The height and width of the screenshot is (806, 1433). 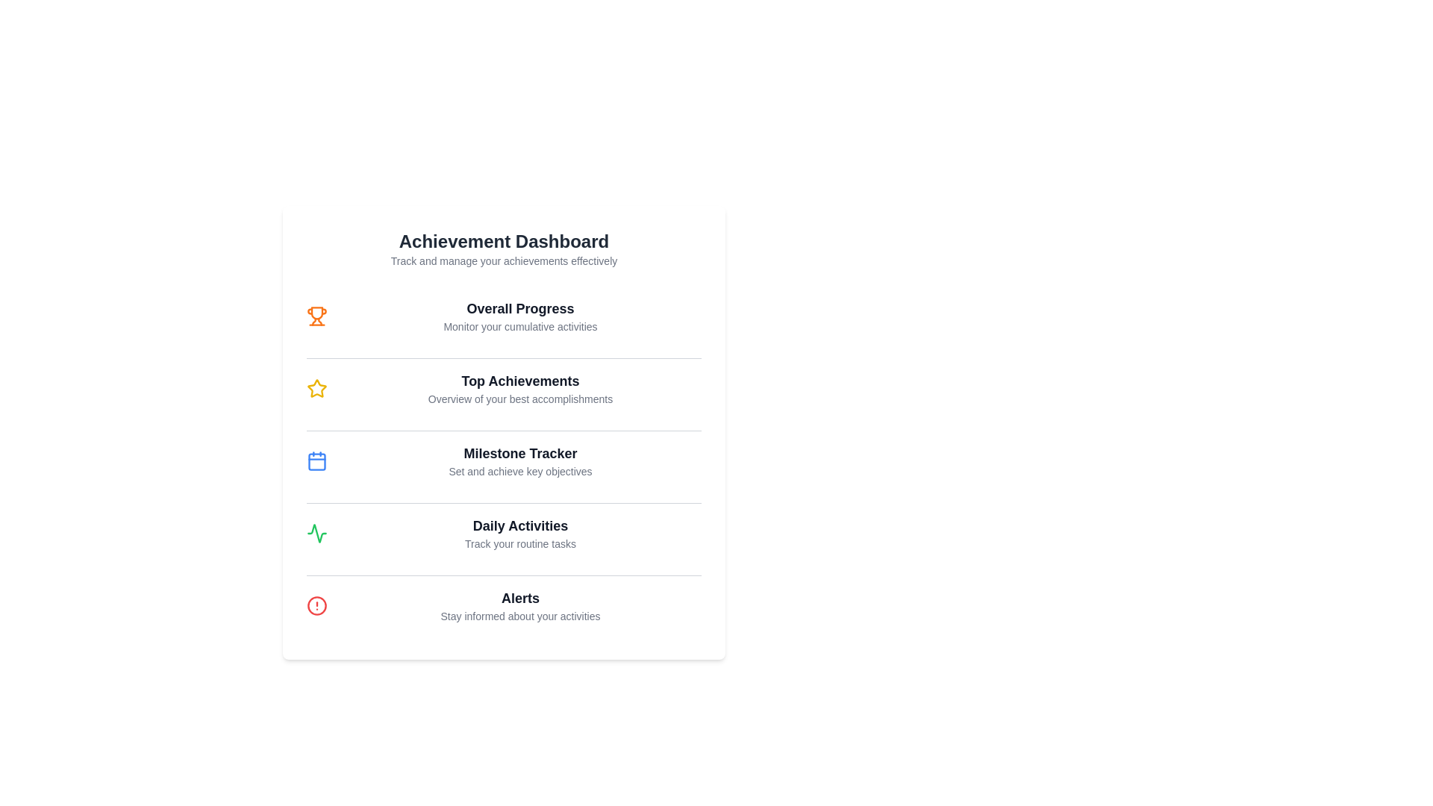 What do you see at coordinates (504, 316) in the screenshot?
I see `the 'Overall Progress' dashboard section item located below the 'Achievement Dashboard' header to monitor cumulative activities` at bounding box center [504, 316].